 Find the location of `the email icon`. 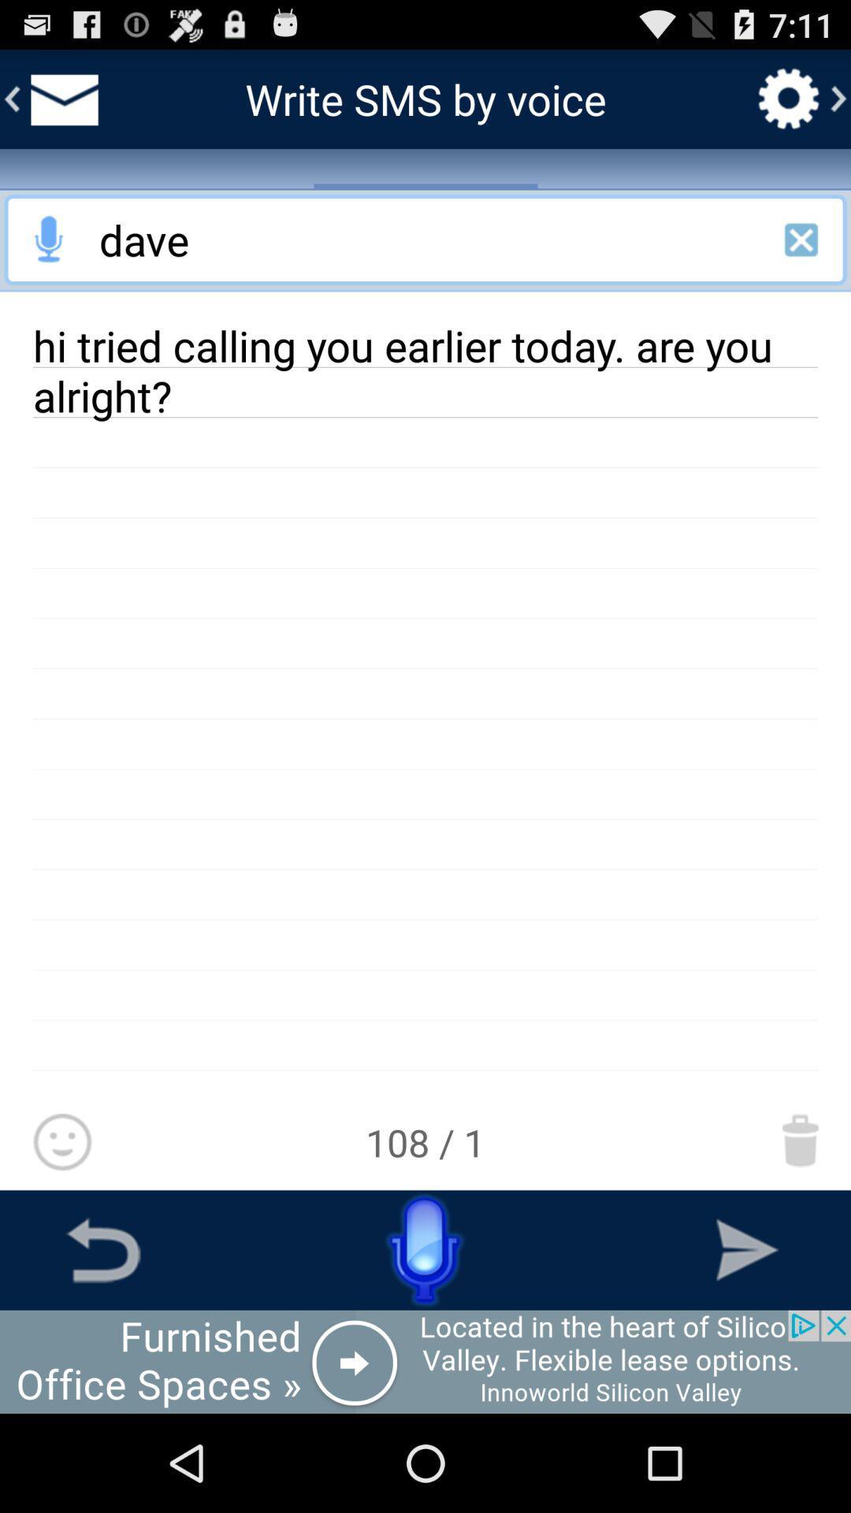

the email icon is located at coordinates (61, 105).